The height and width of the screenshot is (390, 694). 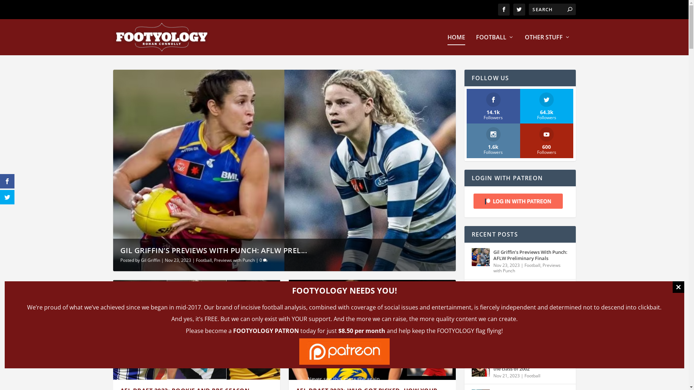 What do you see at coordinates (480, 368) in the screenshot?
I see `'Footyology Redraft: Revisiting the class of 2002'` at bounding box center [480, 368].